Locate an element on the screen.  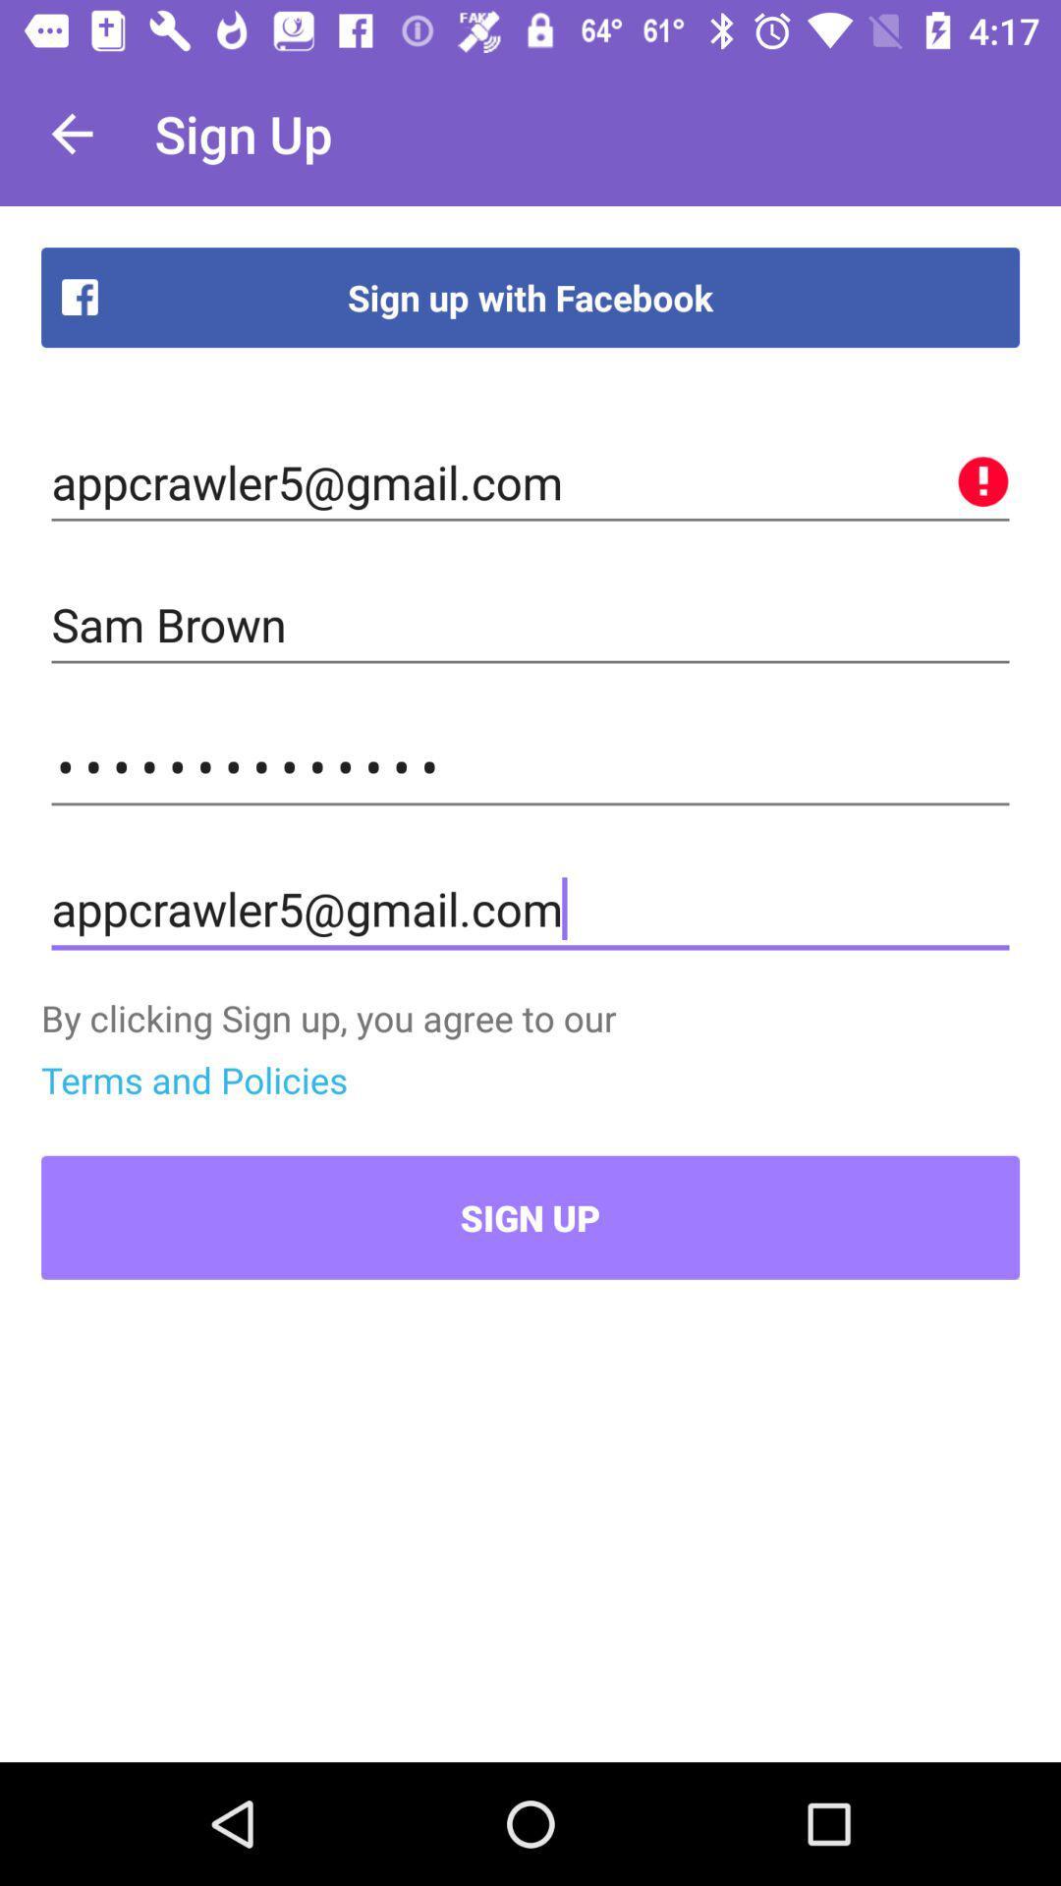
the icon above sign up item is located at coordinates (194, 1079).